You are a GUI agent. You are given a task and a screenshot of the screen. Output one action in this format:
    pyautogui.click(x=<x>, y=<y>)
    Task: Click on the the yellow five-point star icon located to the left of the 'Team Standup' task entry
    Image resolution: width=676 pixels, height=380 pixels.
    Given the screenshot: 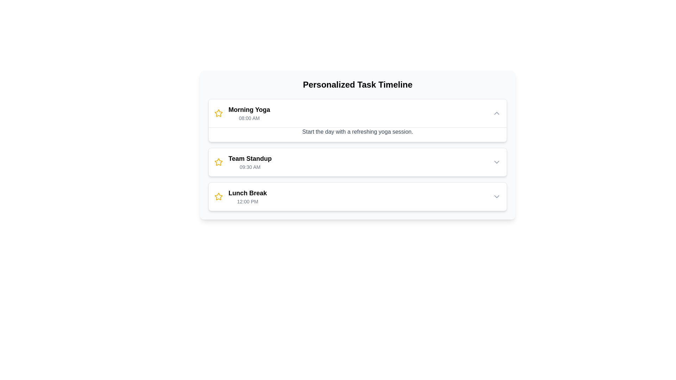 What is the action you would take?
    pyautogui.click(x=218, y=113)
    